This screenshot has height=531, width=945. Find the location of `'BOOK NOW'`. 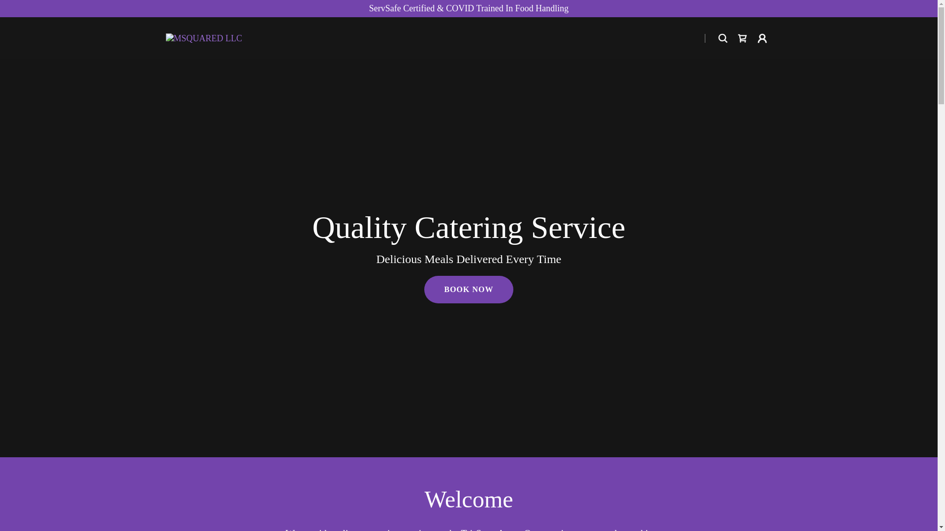

'BOOK NOW' is located at coordinates (424, 289).